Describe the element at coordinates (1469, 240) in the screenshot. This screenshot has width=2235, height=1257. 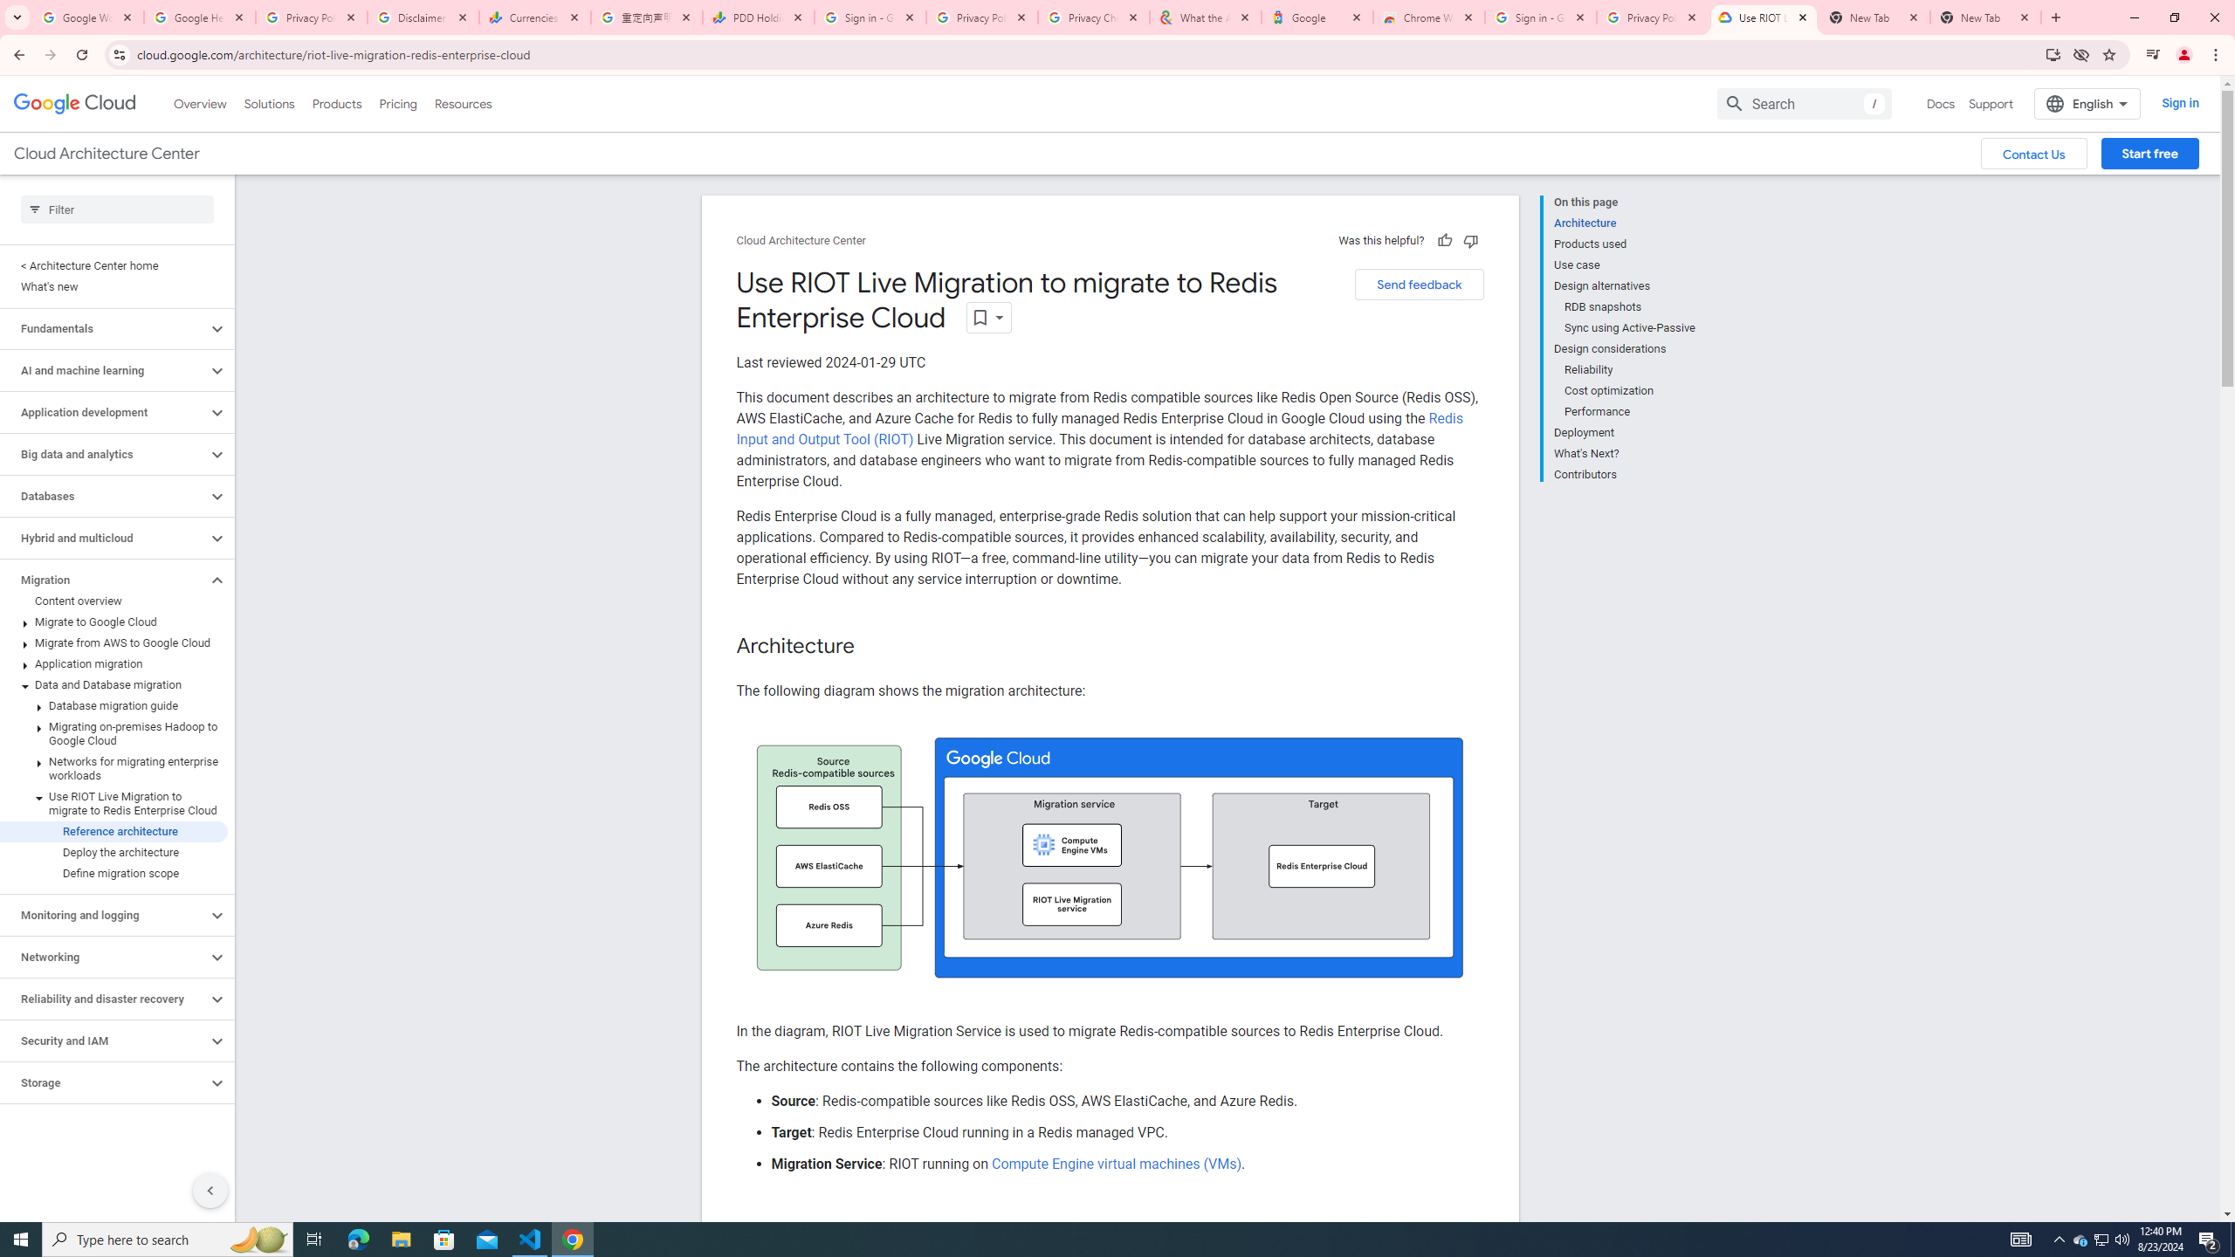
I see `'Not helpful'` at that location.